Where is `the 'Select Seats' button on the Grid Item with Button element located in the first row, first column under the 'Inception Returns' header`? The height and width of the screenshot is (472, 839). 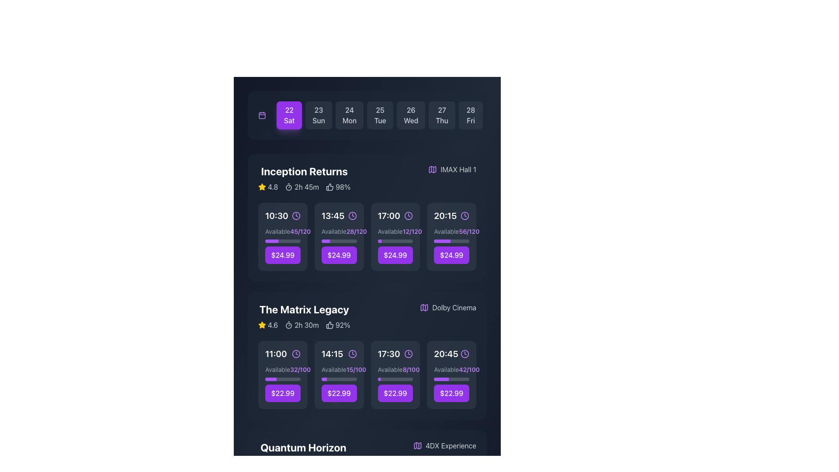
the 'Select Seats' button on the Grid Item with Button element located in the first row, first column under the 'Inception Returns' header is located at coordinates (283, 237).